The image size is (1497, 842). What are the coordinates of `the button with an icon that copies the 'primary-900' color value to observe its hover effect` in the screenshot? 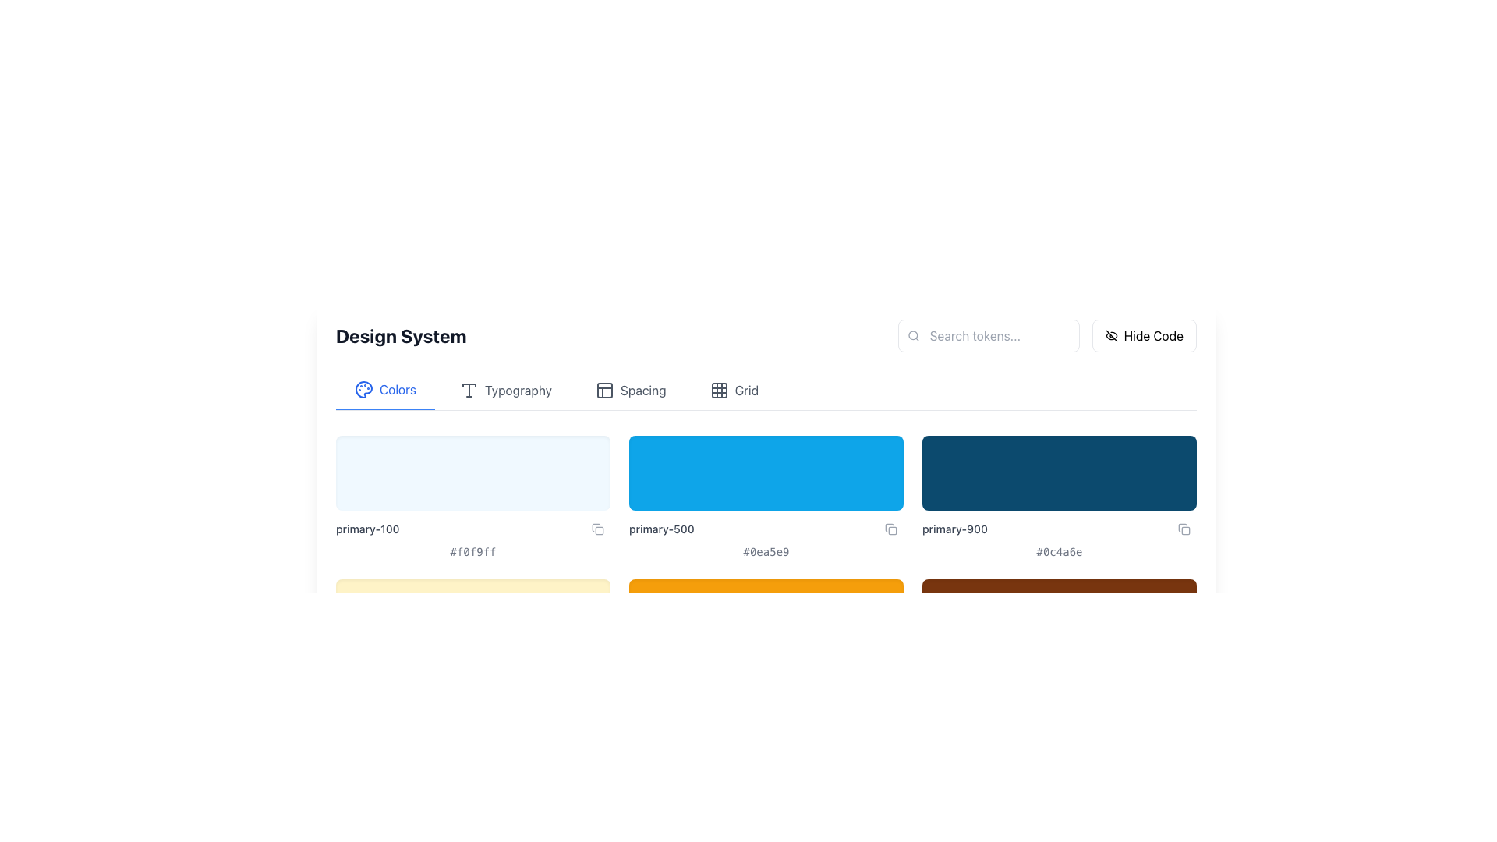 It's located at (1184, 528).